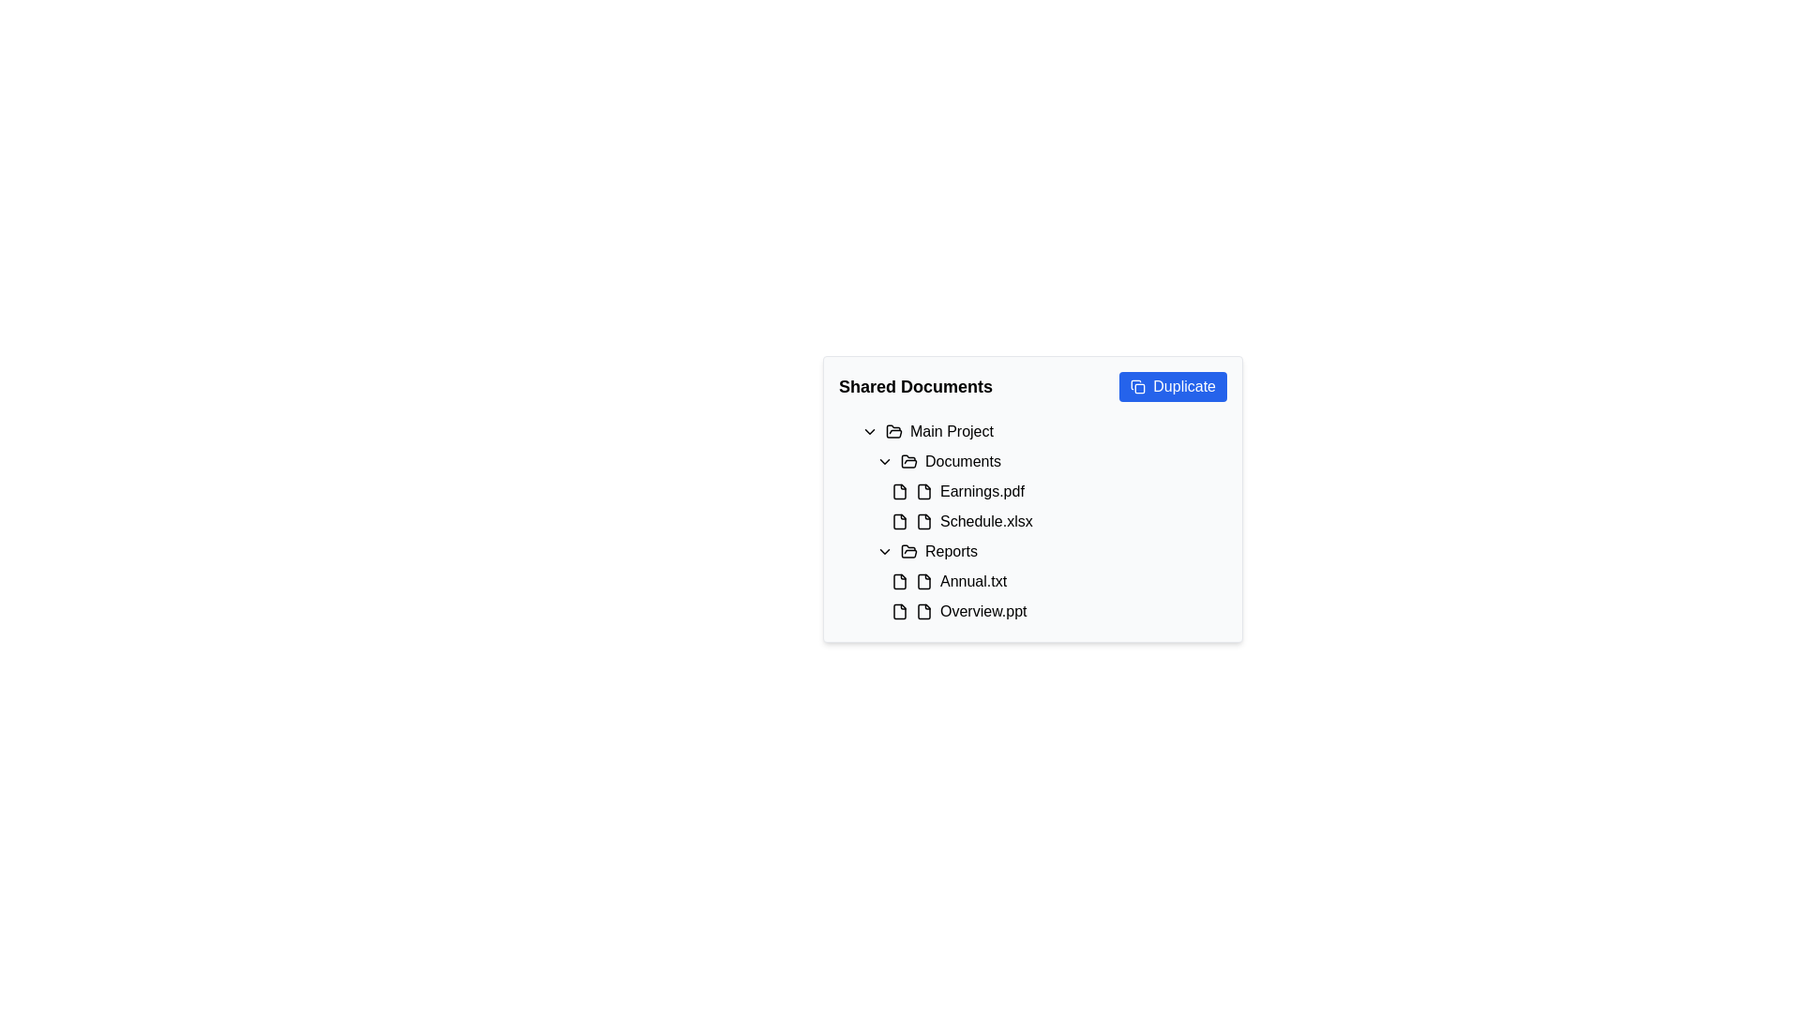 The width and height of the screenshot is (1800, 1012). I want to click on the document icon representing the file 'Overview.ppt' in the directory tree display, which has a triangular folded corner indicating it is a document file, so click(900, 611).